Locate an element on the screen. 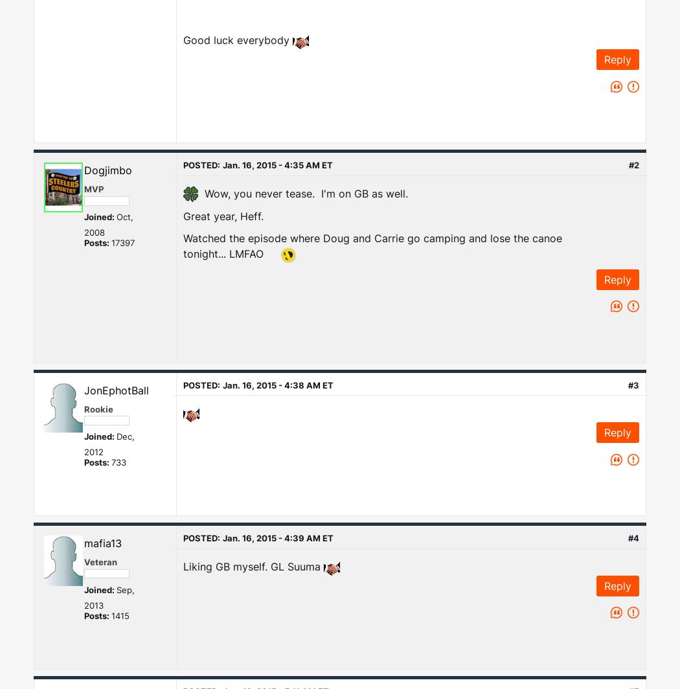 The height and width of the screenshot is (689, 680). 'Rookie' is located at coordinates (98, 408).